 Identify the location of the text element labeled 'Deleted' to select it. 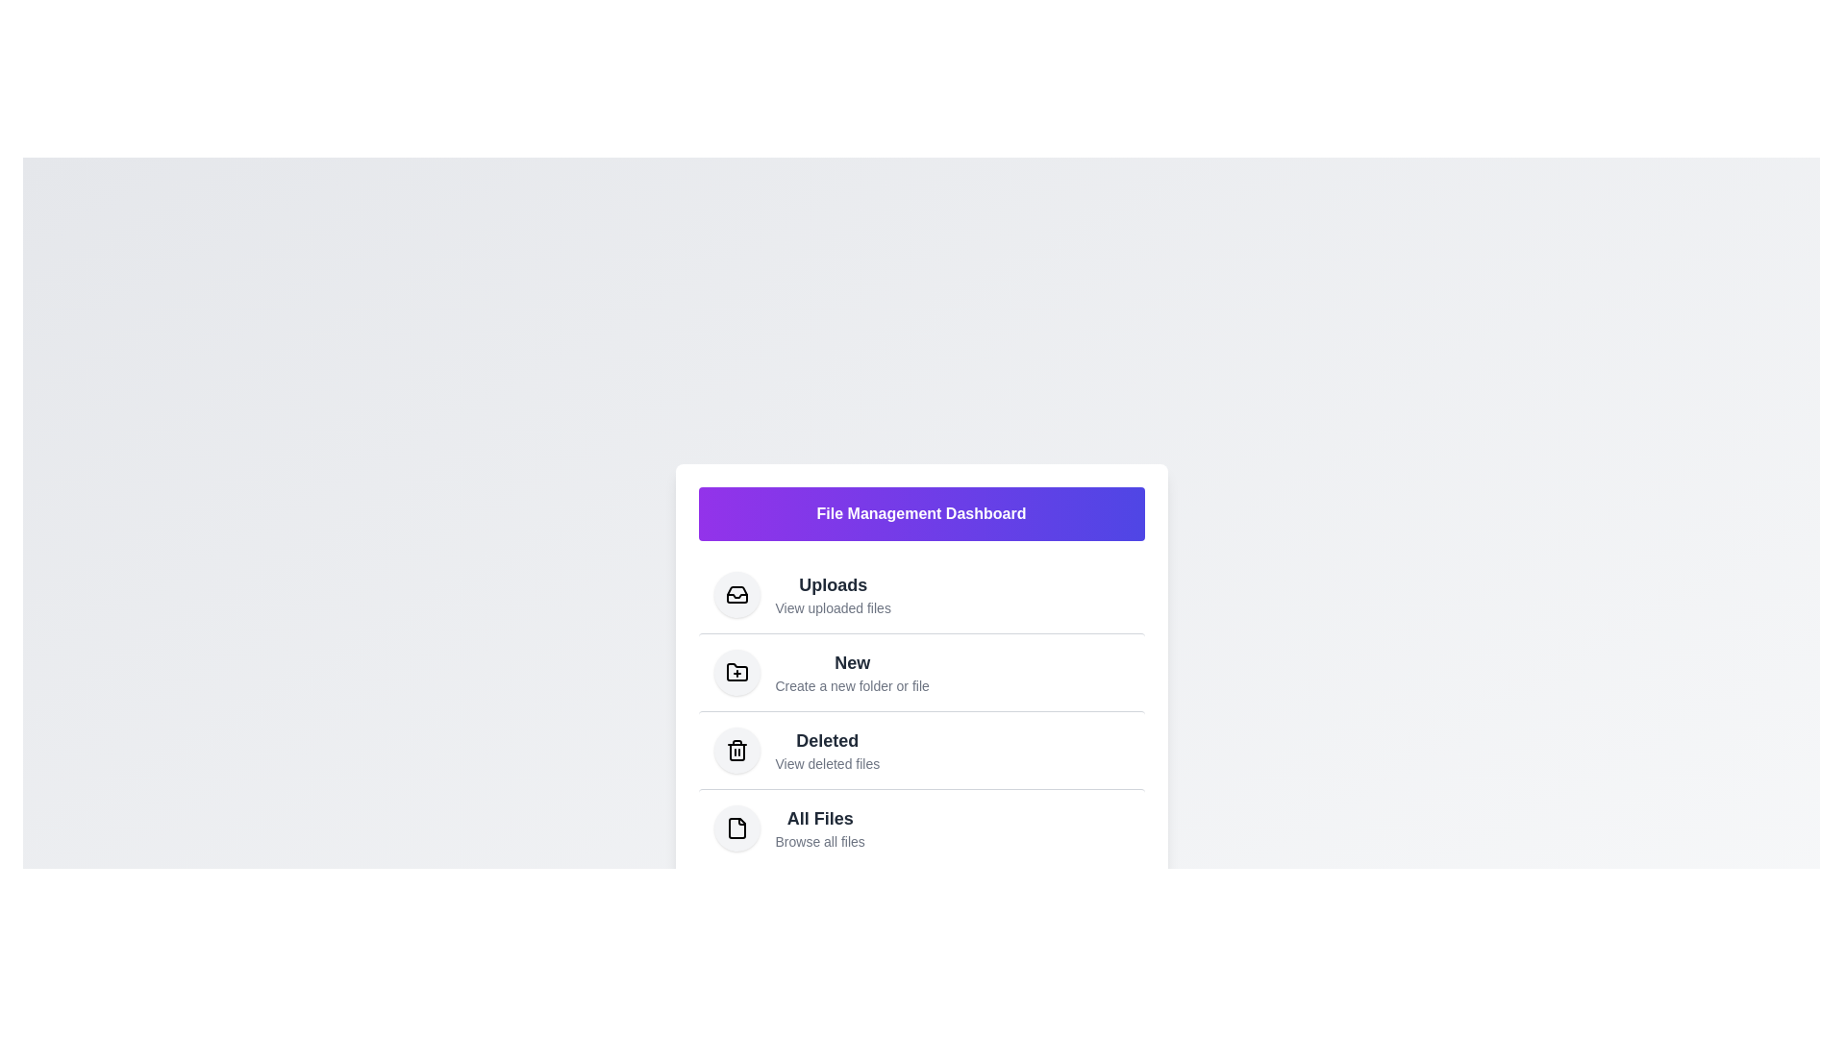
(827, 739).